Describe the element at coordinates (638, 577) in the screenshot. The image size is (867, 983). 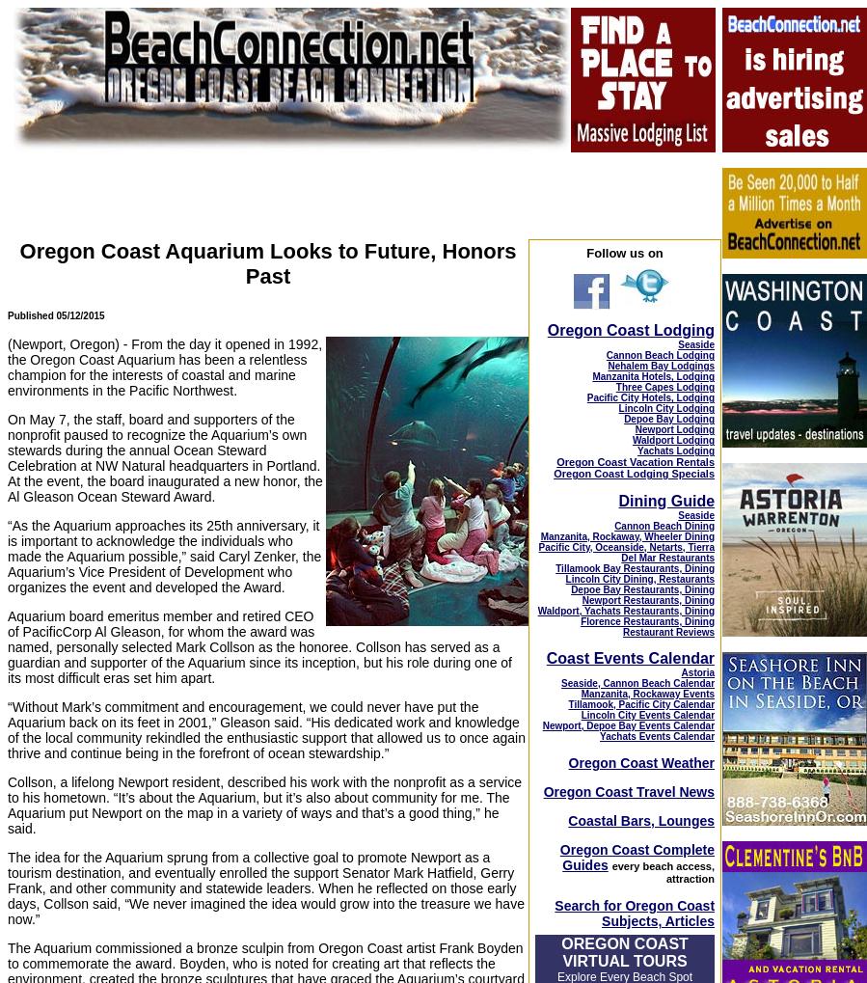
I see `'Lincoln 
                City Dining, Restaurants'` at that location.